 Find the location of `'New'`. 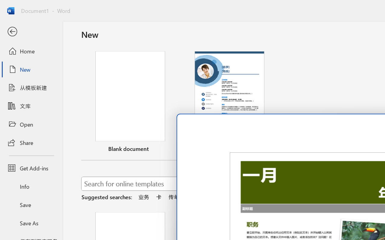

'New' is located at coordinates (31, 69).